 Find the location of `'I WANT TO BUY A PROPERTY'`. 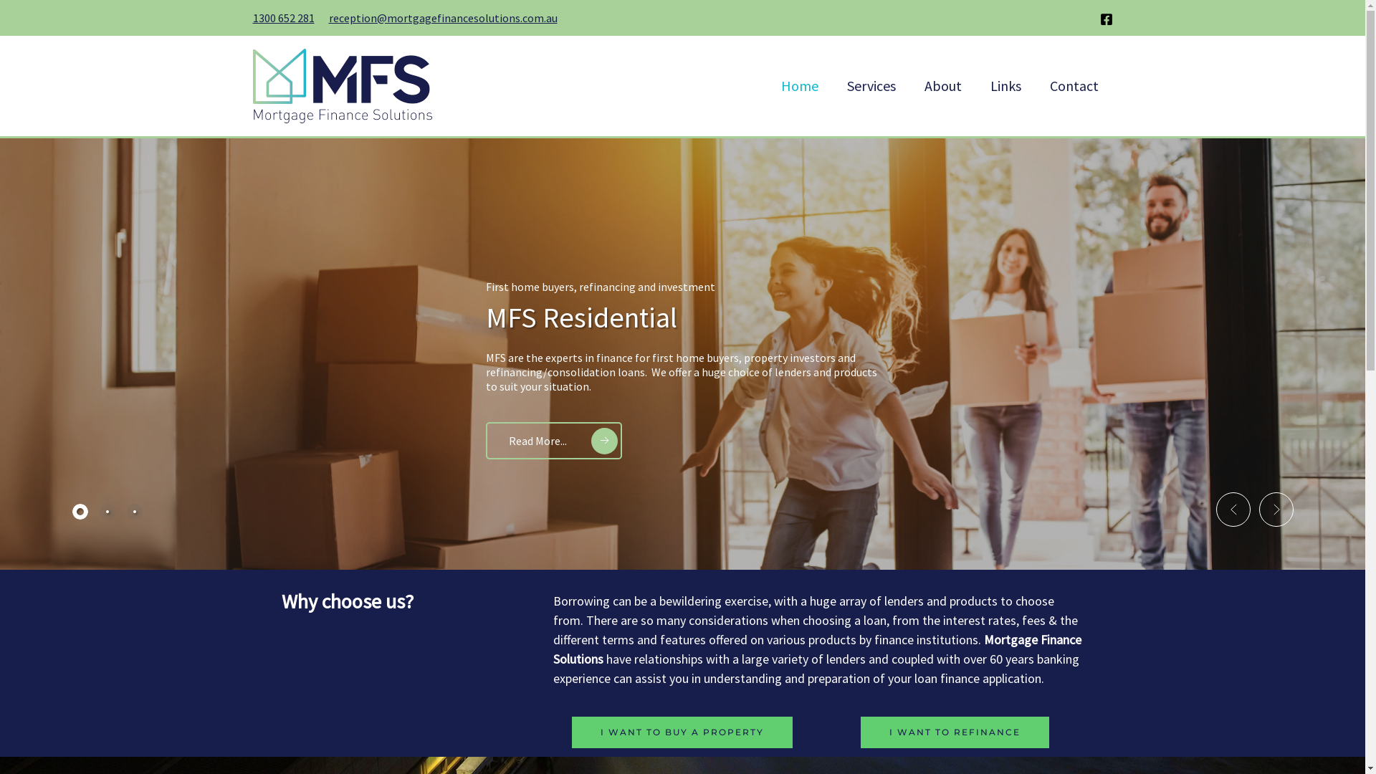

'I WANT TO BUY A PROPERTY' is located at coordinates (681, 732).